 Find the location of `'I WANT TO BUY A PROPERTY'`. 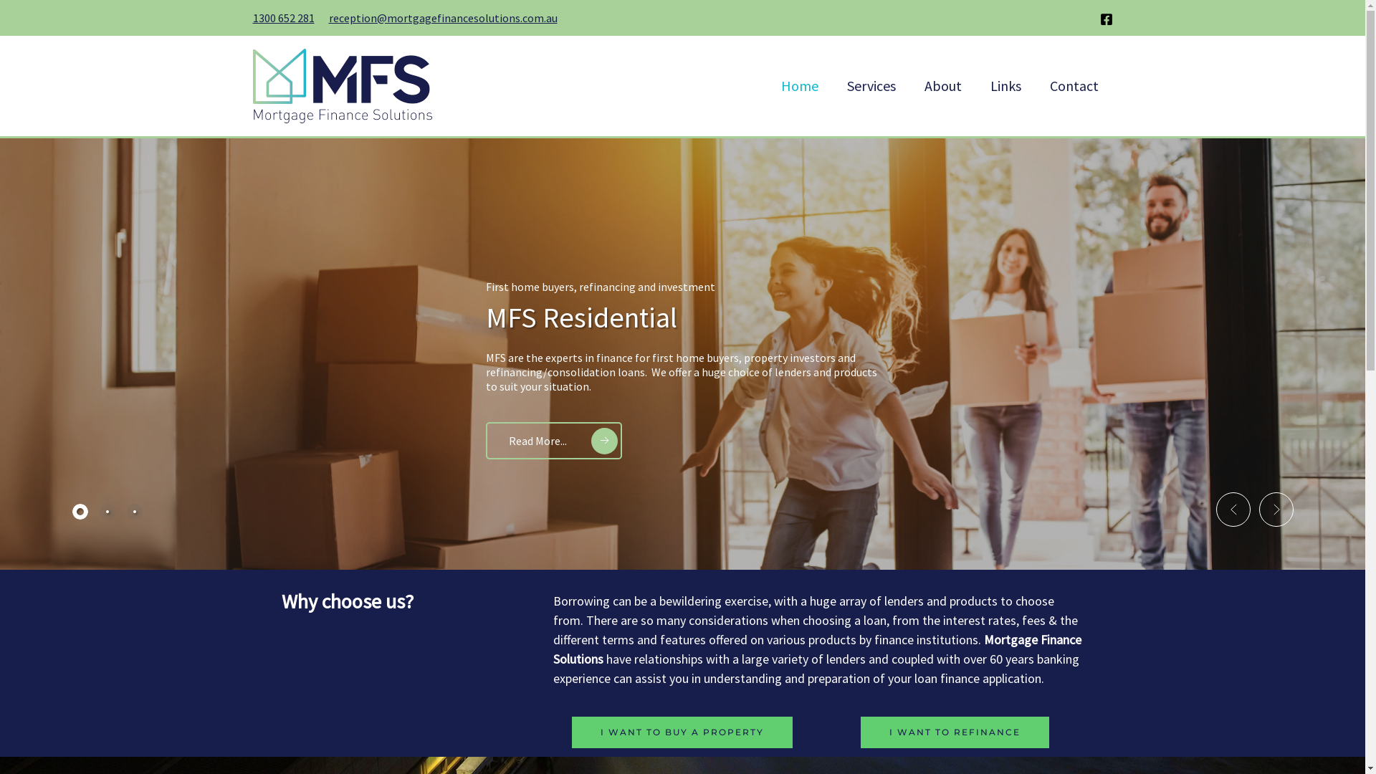

'I WANT TO BUY A PROPERTY' is located at coordinates (681, 732).